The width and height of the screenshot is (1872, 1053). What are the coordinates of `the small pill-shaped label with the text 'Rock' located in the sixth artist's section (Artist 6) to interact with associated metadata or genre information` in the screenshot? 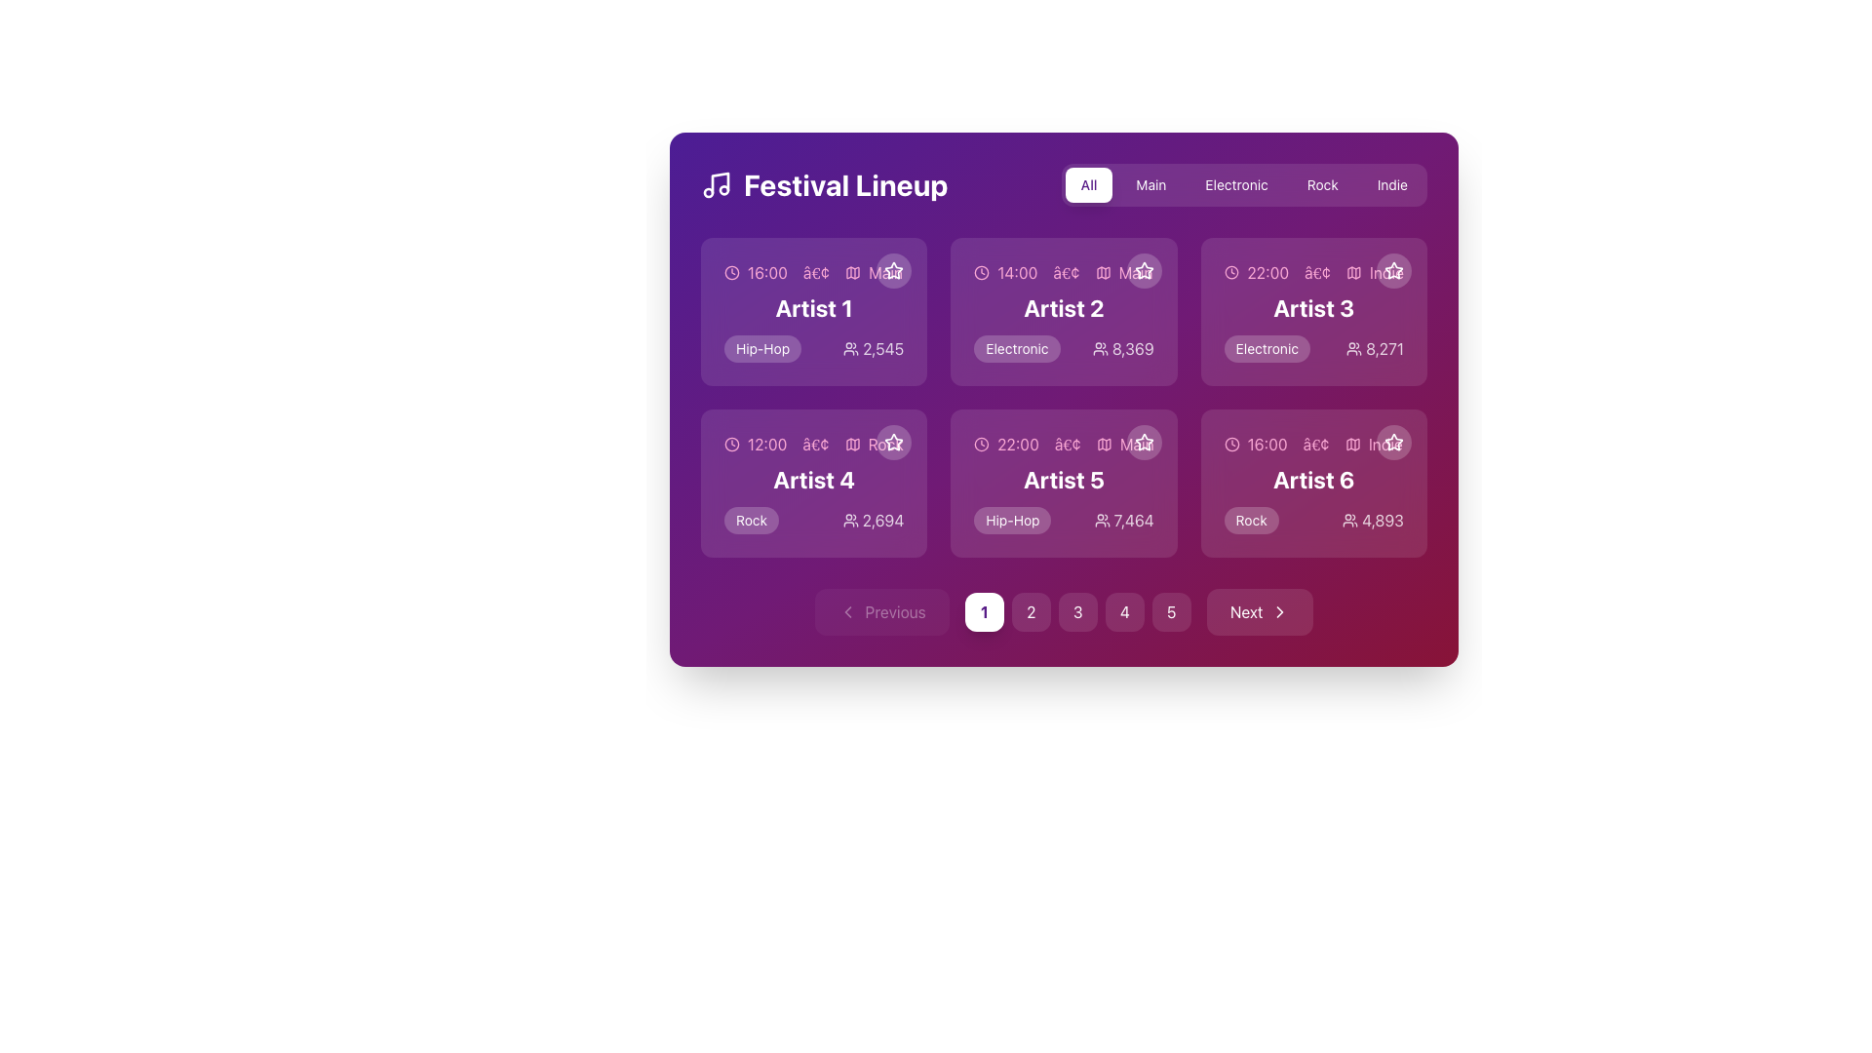 It's located at (1251, 519).